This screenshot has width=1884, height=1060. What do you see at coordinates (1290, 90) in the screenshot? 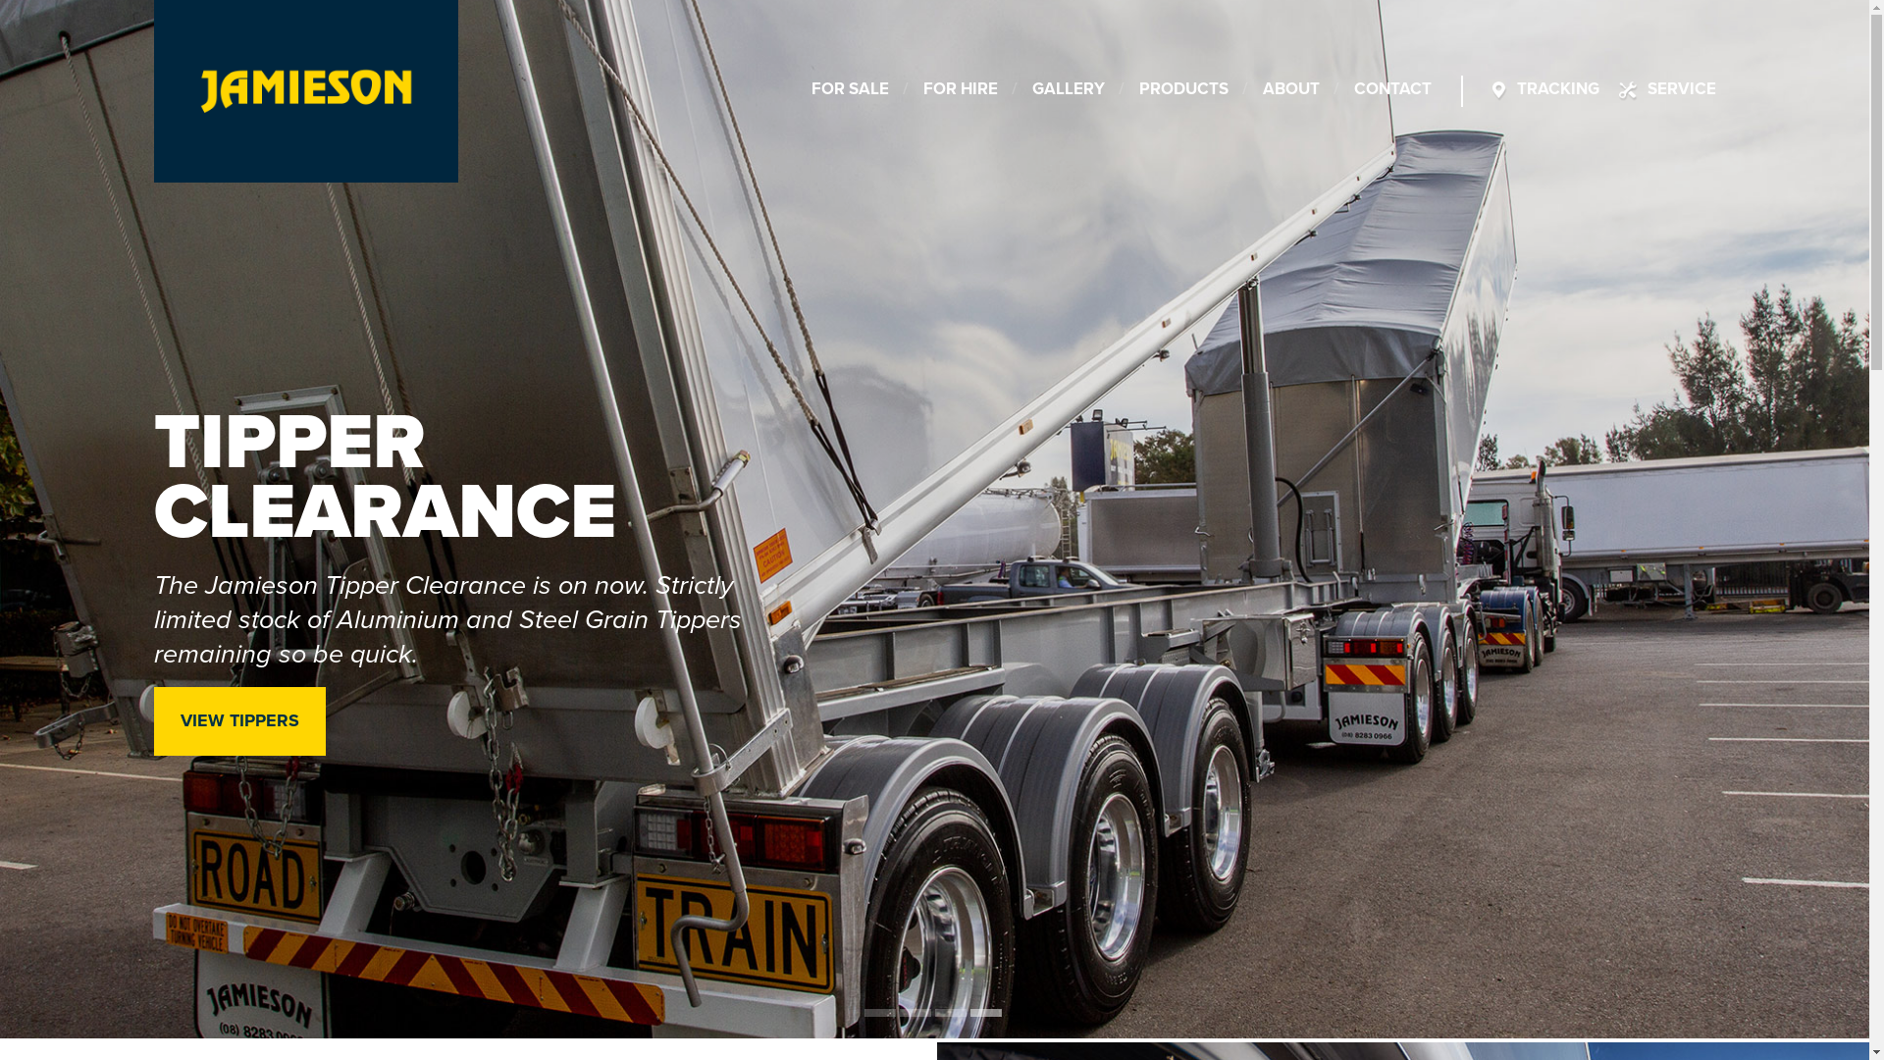
I see `'ABOUT'` at bounding box center [1290, 90].